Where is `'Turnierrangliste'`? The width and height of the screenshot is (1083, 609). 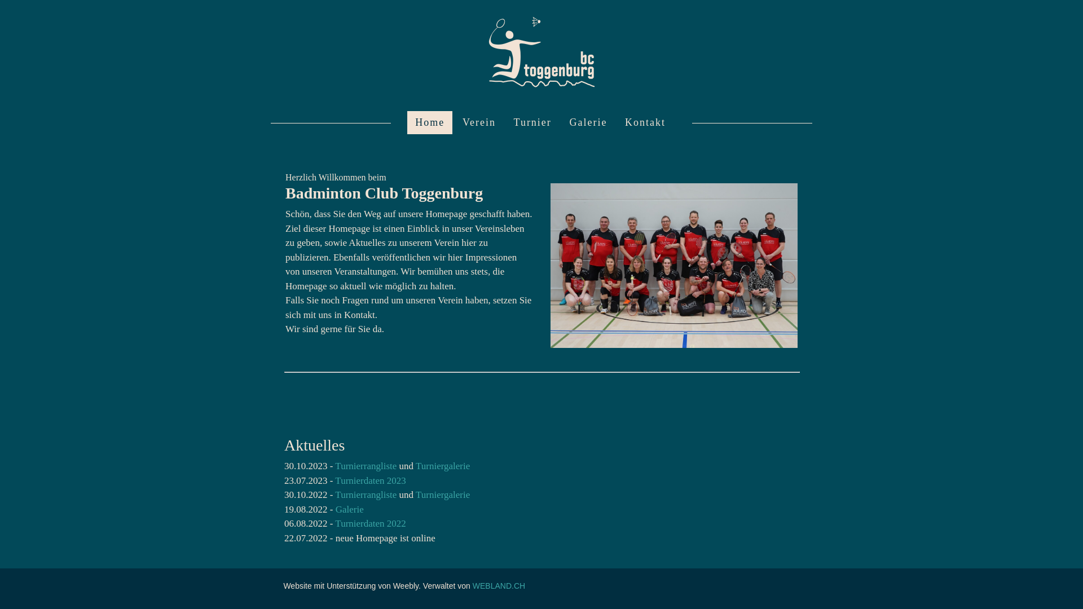
'Turnierrangliste' is located at coordinates (367, 466).